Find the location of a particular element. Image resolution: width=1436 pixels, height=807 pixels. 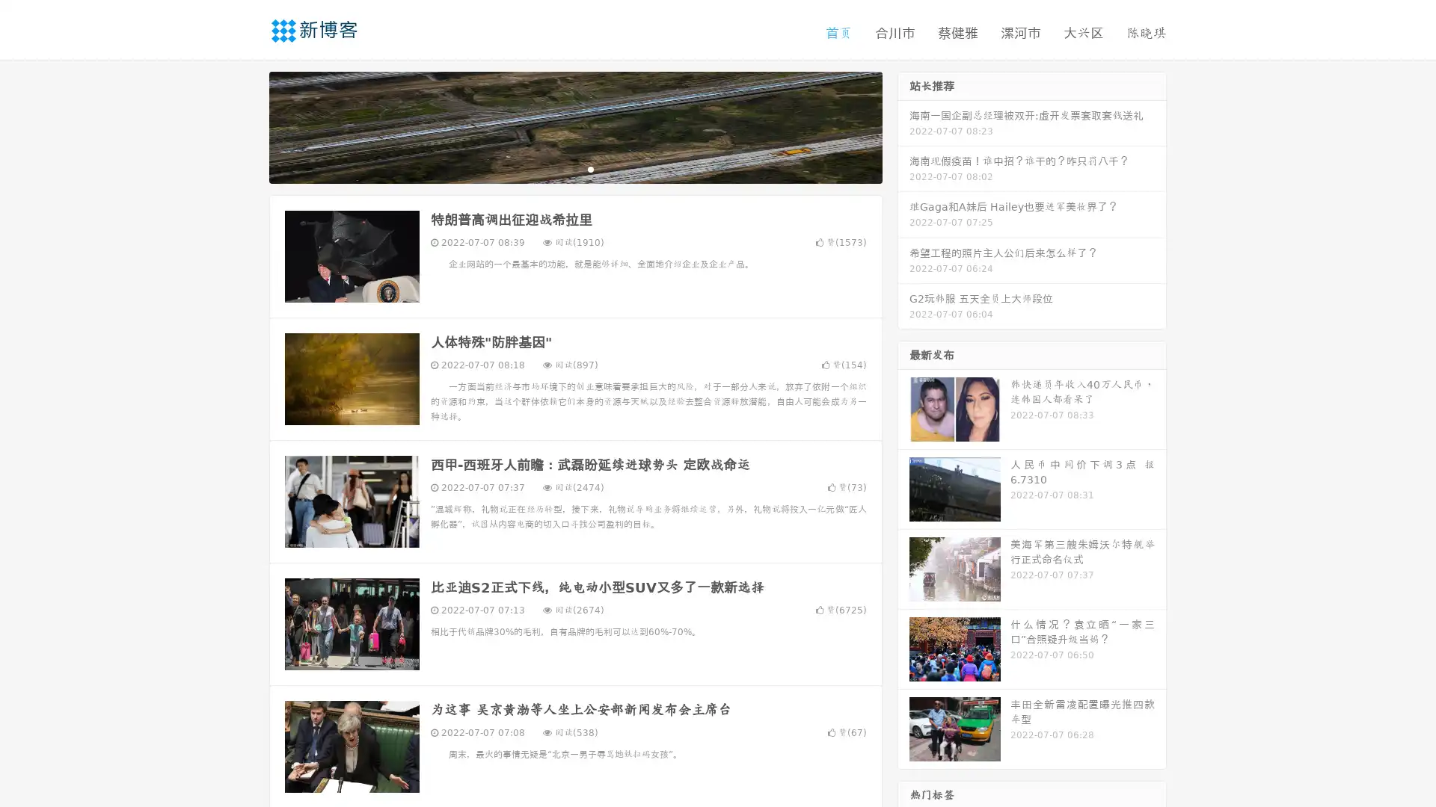

Next slide is located at coordinates (903, 126).